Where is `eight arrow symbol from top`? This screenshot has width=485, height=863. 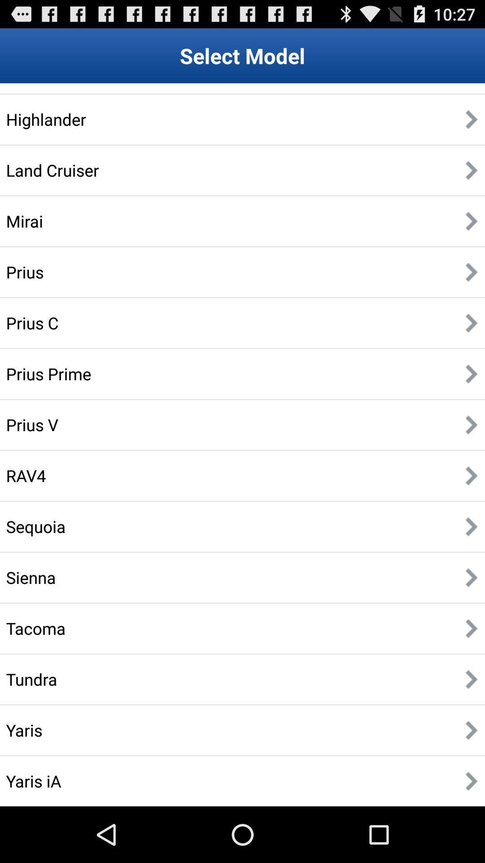
eight arrow symbol from top is located at coordinates (471, 475).